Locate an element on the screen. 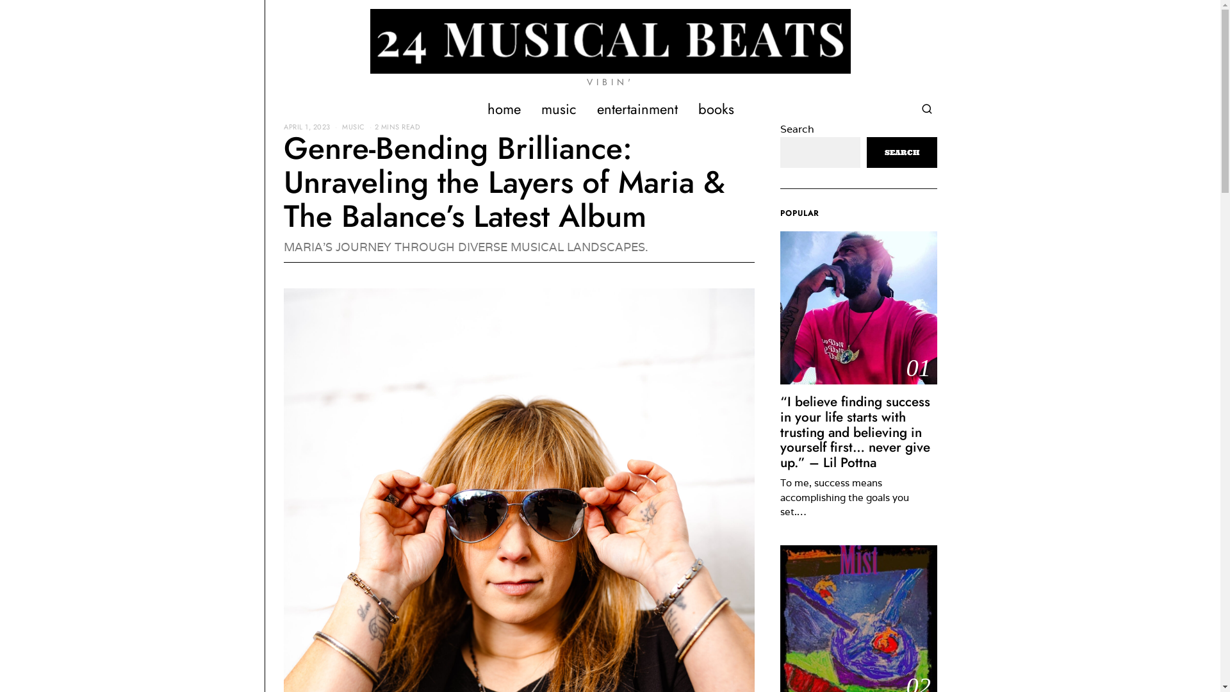  'entertainment' is located at coordinates (637, 108).